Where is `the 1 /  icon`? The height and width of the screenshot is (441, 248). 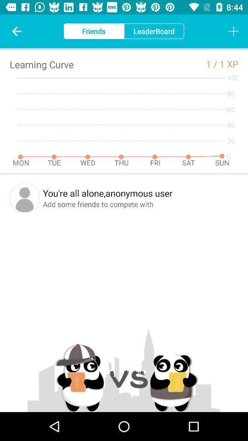 the 1 /  icon is located at coordinates (213, 63).